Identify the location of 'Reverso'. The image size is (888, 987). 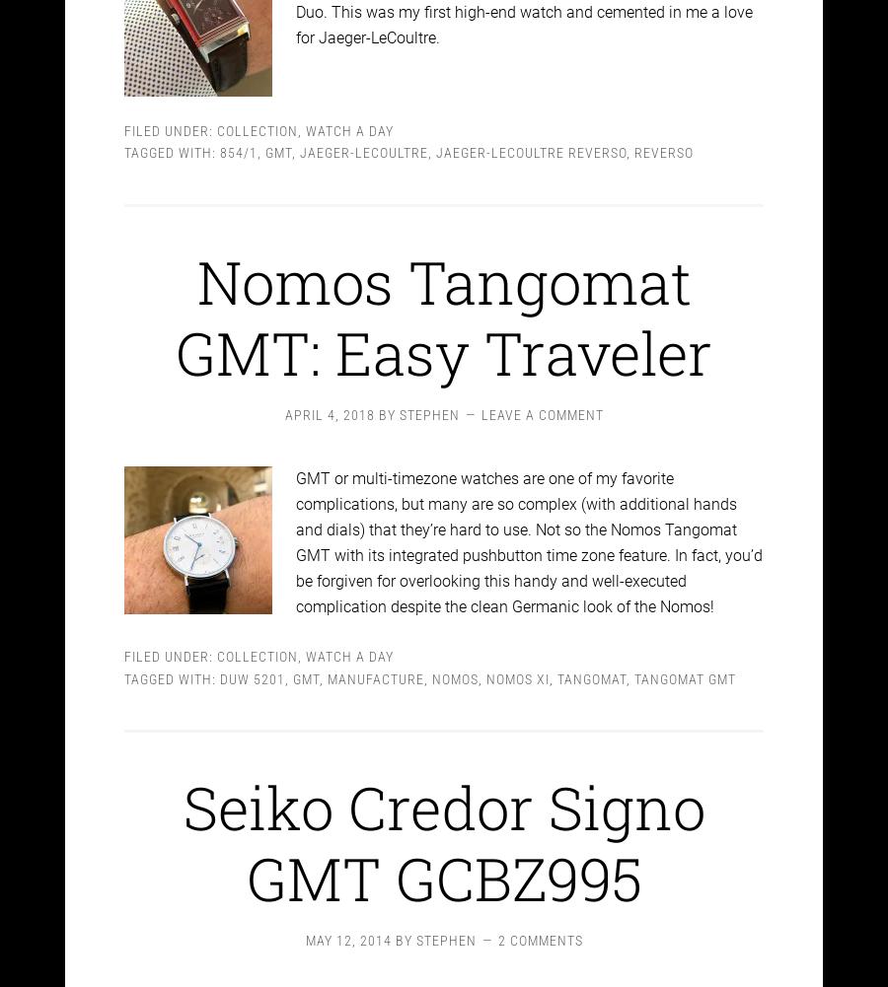
(664, 135).